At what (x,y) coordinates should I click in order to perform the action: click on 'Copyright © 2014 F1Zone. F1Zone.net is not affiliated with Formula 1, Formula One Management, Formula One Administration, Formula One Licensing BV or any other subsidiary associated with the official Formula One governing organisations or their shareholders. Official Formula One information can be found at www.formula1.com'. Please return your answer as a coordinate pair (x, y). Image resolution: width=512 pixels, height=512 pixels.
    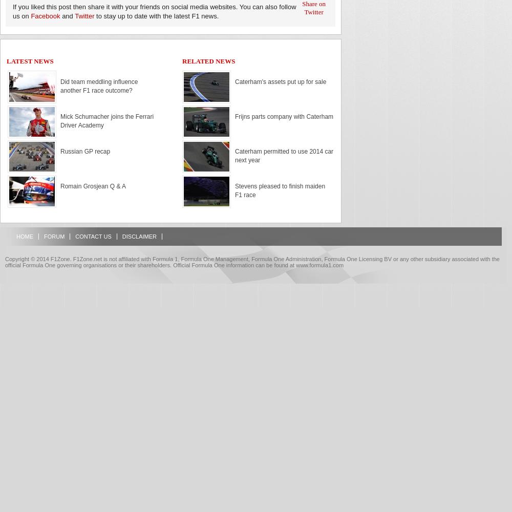
    Looking at the image, I should click on (5, 262).